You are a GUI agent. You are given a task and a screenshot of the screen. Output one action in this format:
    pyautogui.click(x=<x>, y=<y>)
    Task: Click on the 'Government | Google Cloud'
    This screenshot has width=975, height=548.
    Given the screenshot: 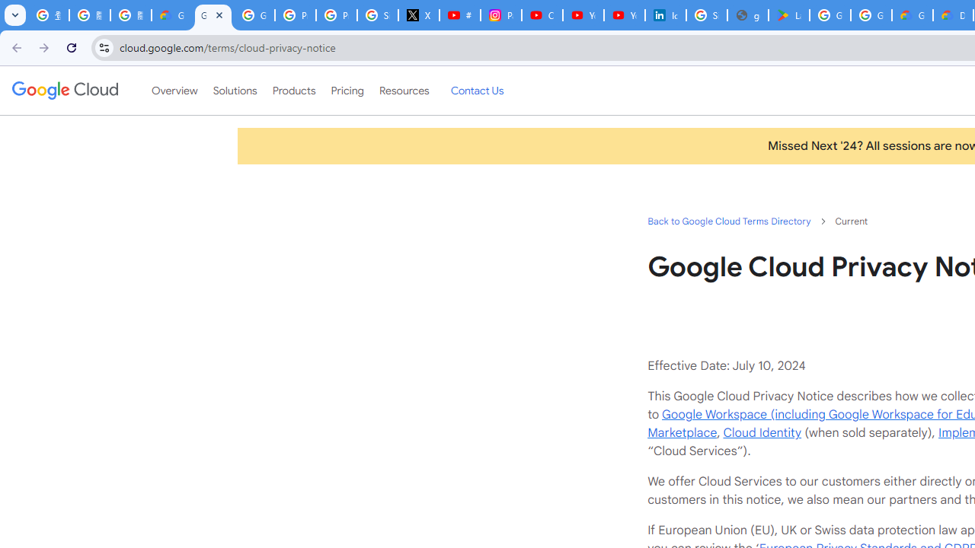 What is the action you would take?
    pyautogui.click(x=913, y=15)
    